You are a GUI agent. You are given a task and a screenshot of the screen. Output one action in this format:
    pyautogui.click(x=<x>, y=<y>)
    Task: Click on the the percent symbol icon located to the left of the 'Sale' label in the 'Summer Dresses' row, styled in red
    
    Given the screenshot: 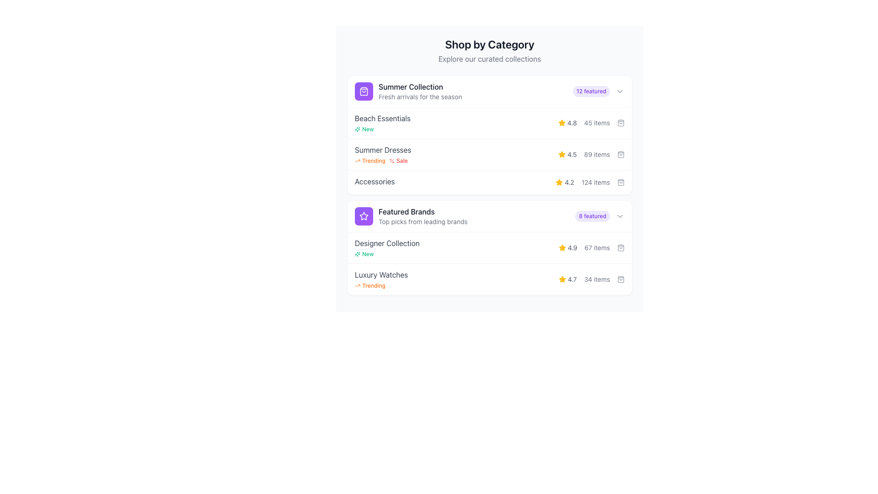 What is the action you would take?
    pyautogui.click(x=391, y=160)
    